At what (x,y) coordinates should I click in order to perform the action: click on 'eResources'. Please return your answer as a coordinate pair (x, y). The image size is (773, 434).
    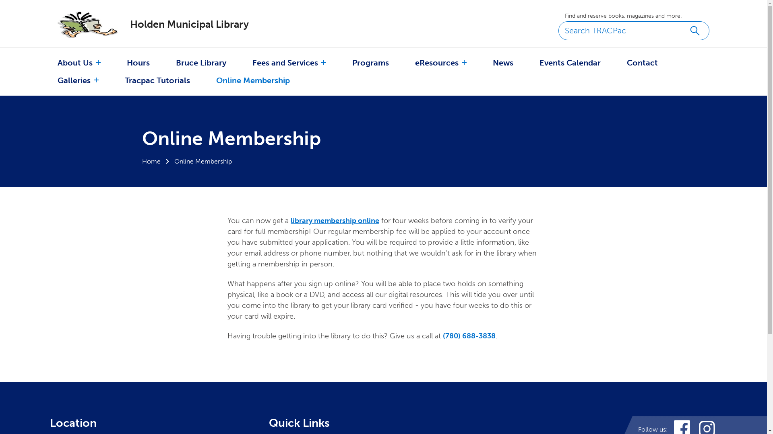
    Looking at the image, I should click on (436, 62).